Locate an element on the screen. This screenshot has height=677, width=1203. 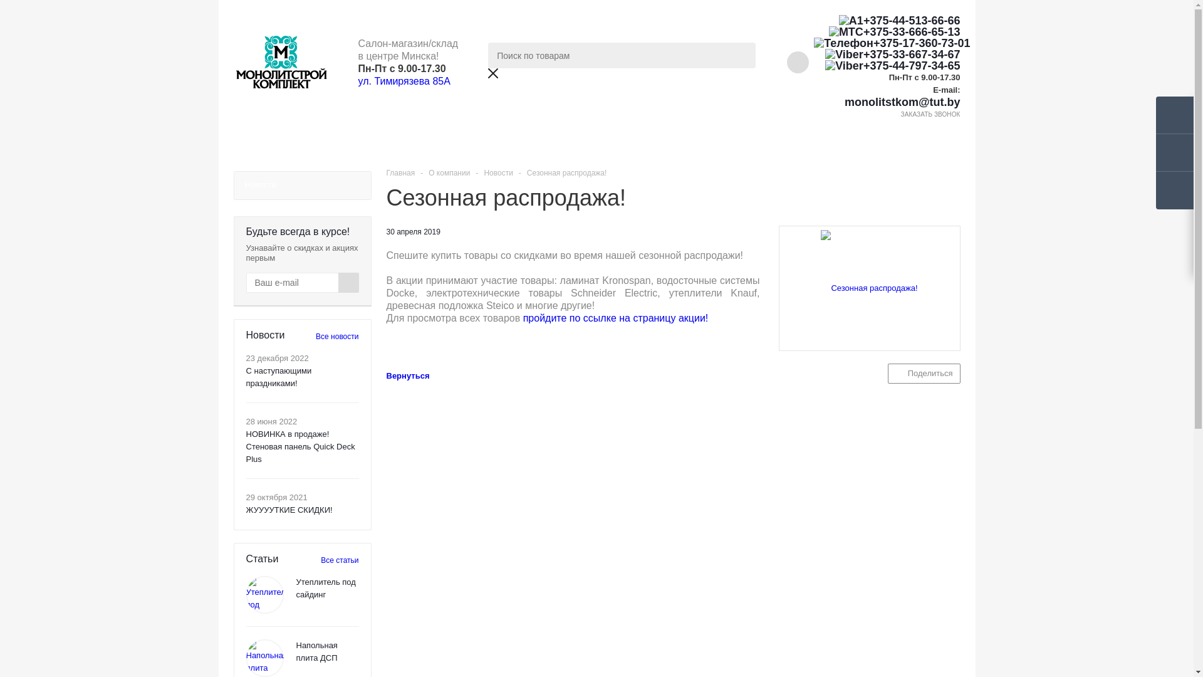
'A1' is located at coordinates (851, 21).